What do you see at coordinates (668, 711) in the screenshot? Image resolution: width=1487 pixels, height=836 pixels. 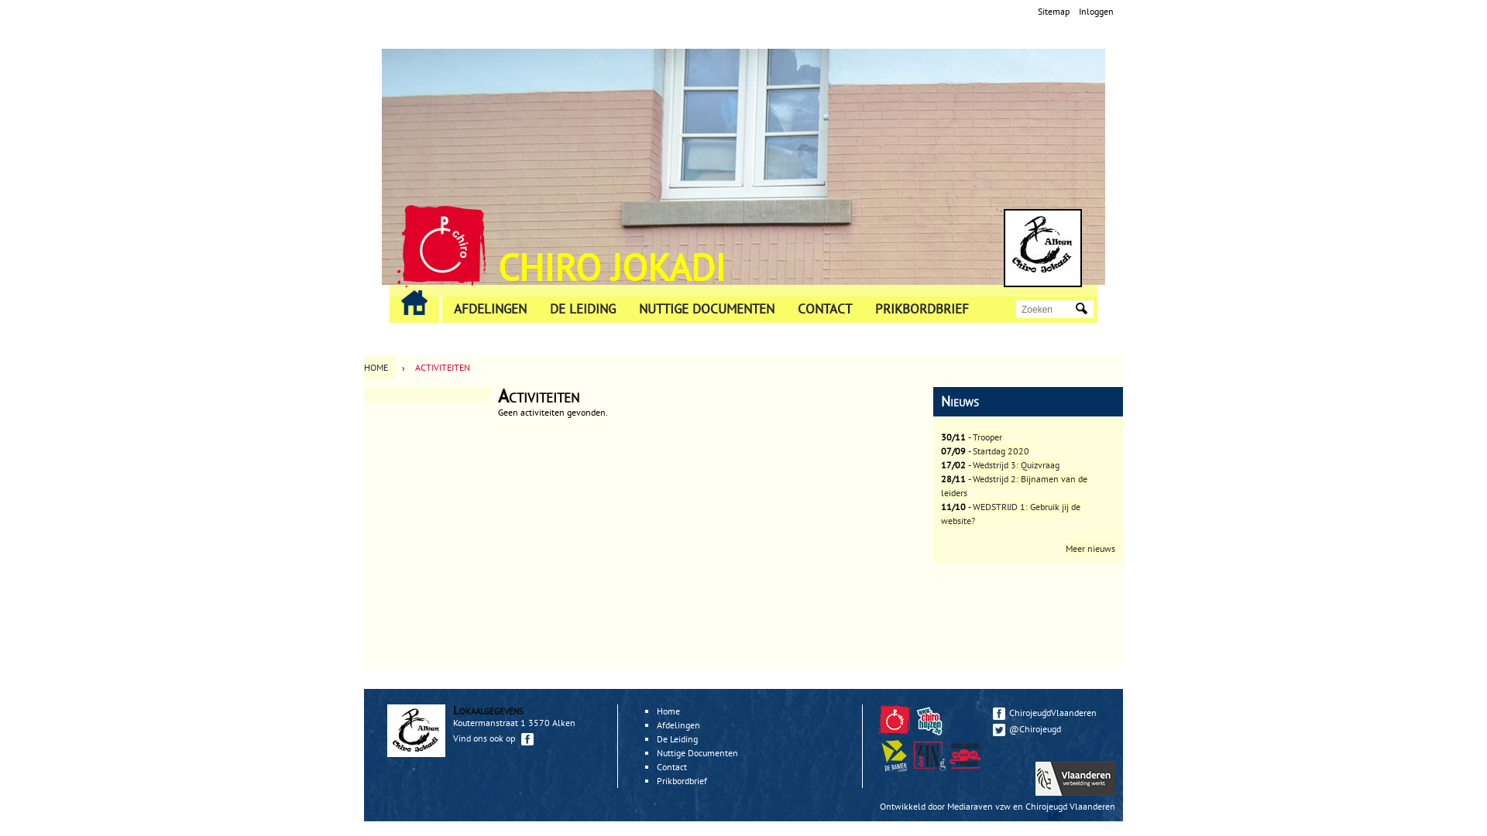 I see `'Home'` at bounding box center [668, 711].